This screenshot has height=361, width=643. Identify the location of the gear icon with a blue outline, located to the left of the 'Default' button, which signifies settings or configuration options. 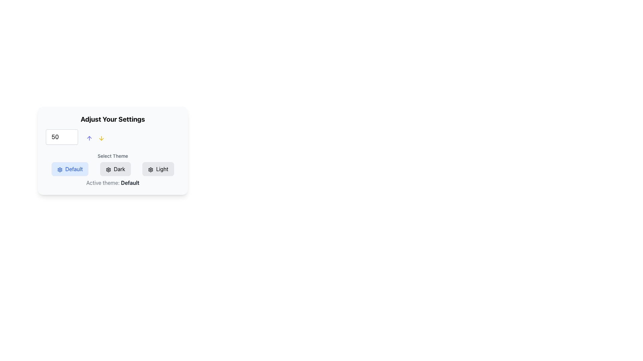
(60, 169).